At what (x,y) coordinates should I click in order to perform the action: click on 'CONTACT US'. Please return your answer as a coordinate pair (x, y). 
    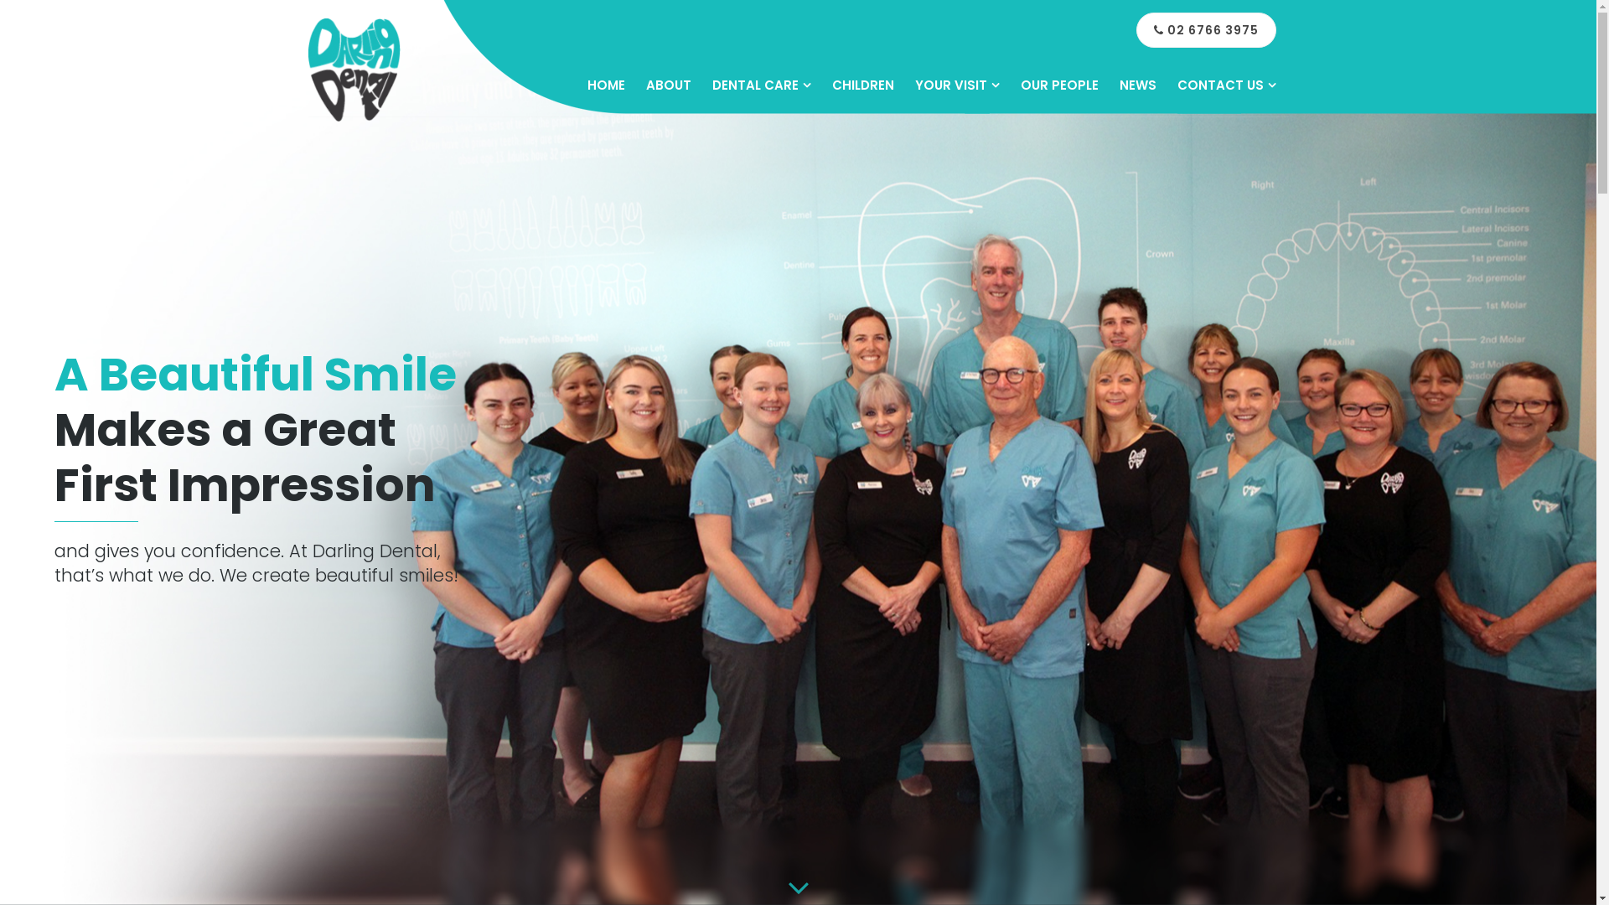
    Looking at the image, I should click on (1226, 85).